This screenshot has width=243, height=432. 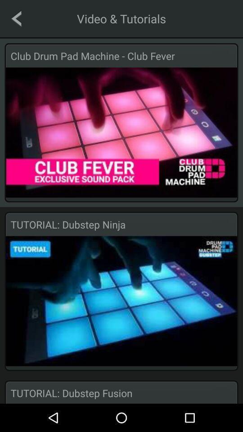 I want to click on previous, so click(x=16, y=18).